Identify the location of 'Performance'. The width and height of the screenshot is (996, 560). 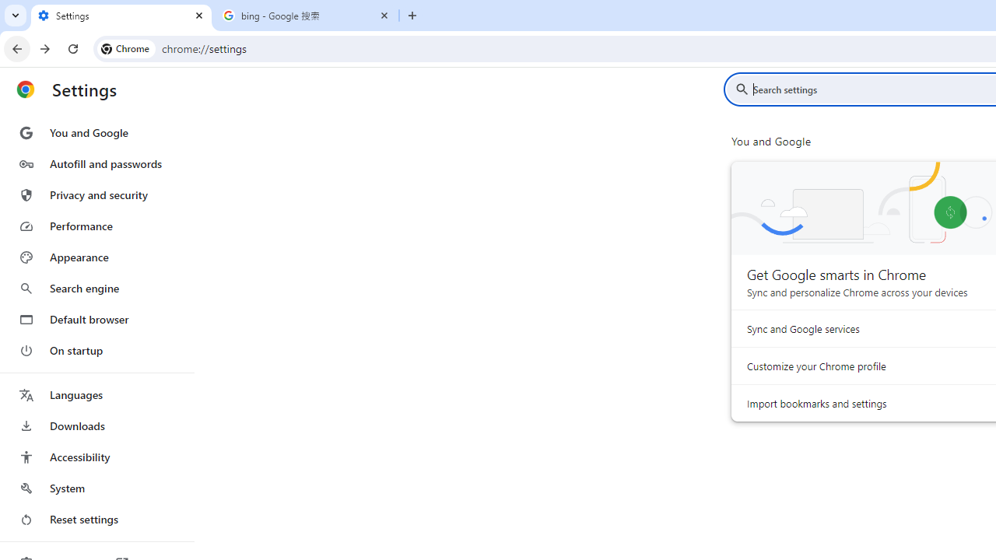
(96, 226).